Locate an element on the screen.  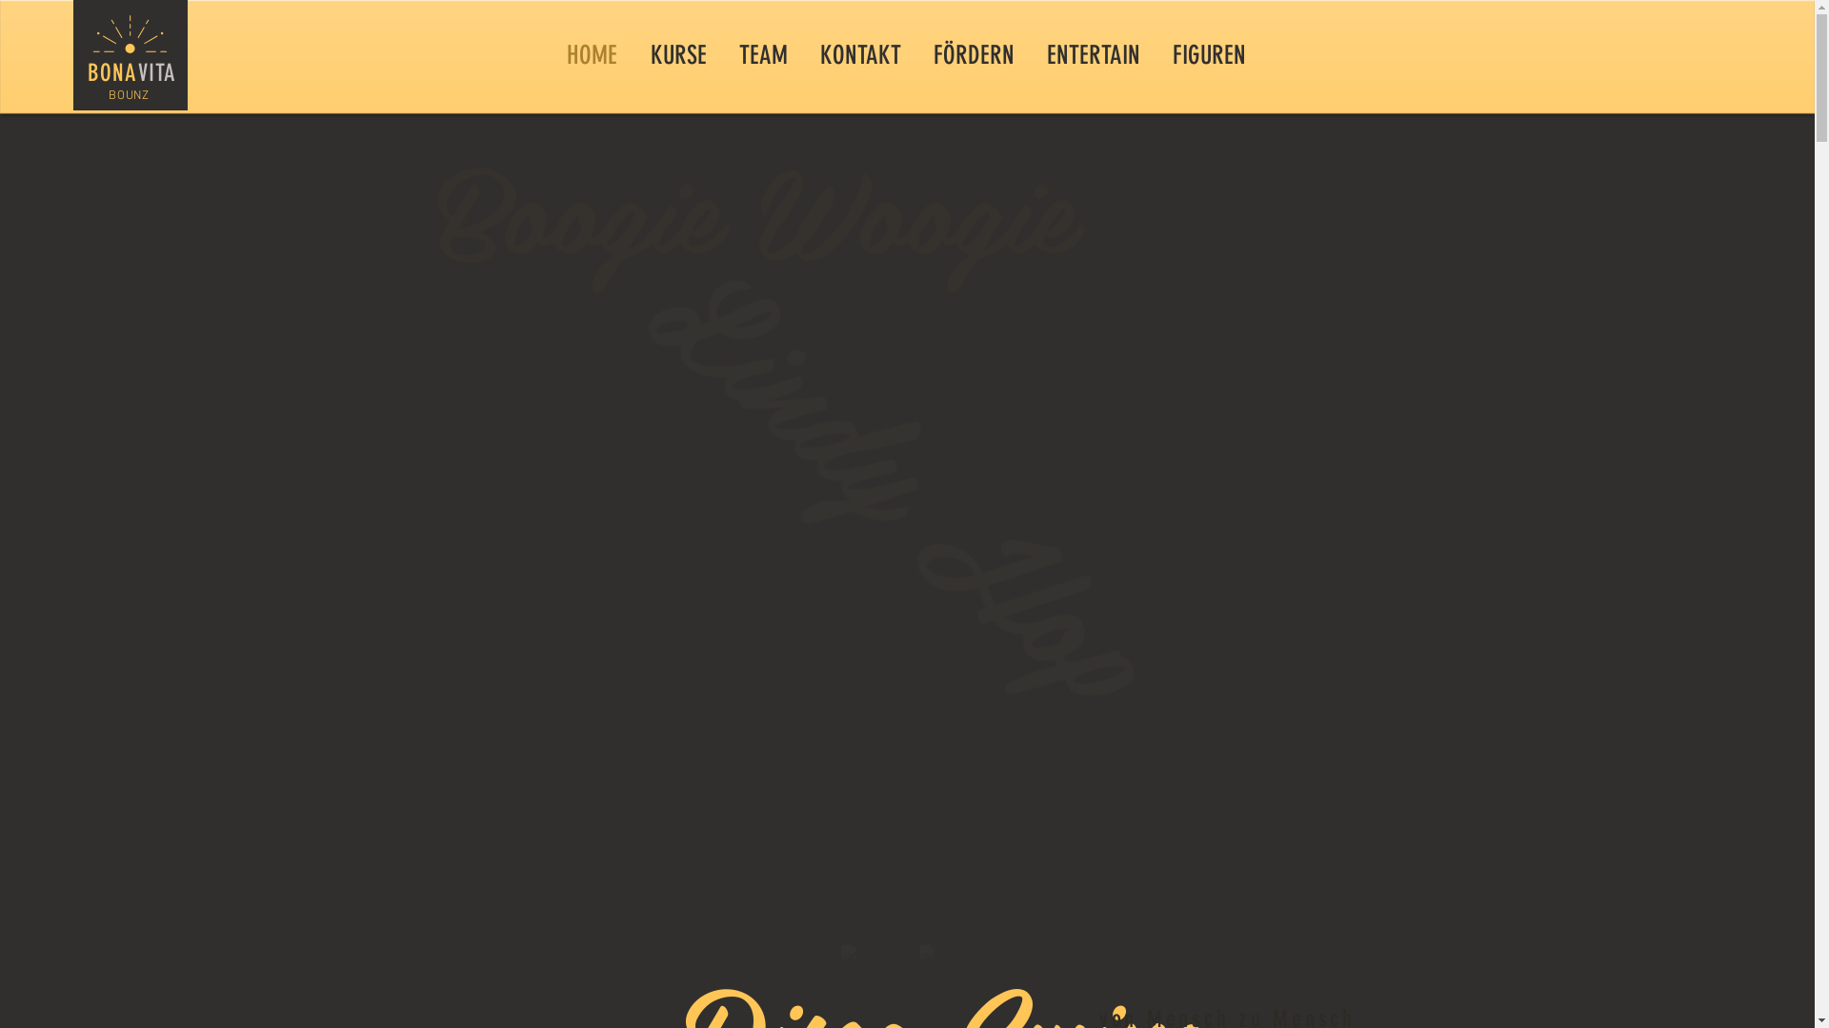
'KONTAKT' is located at coordinates (859, 53).